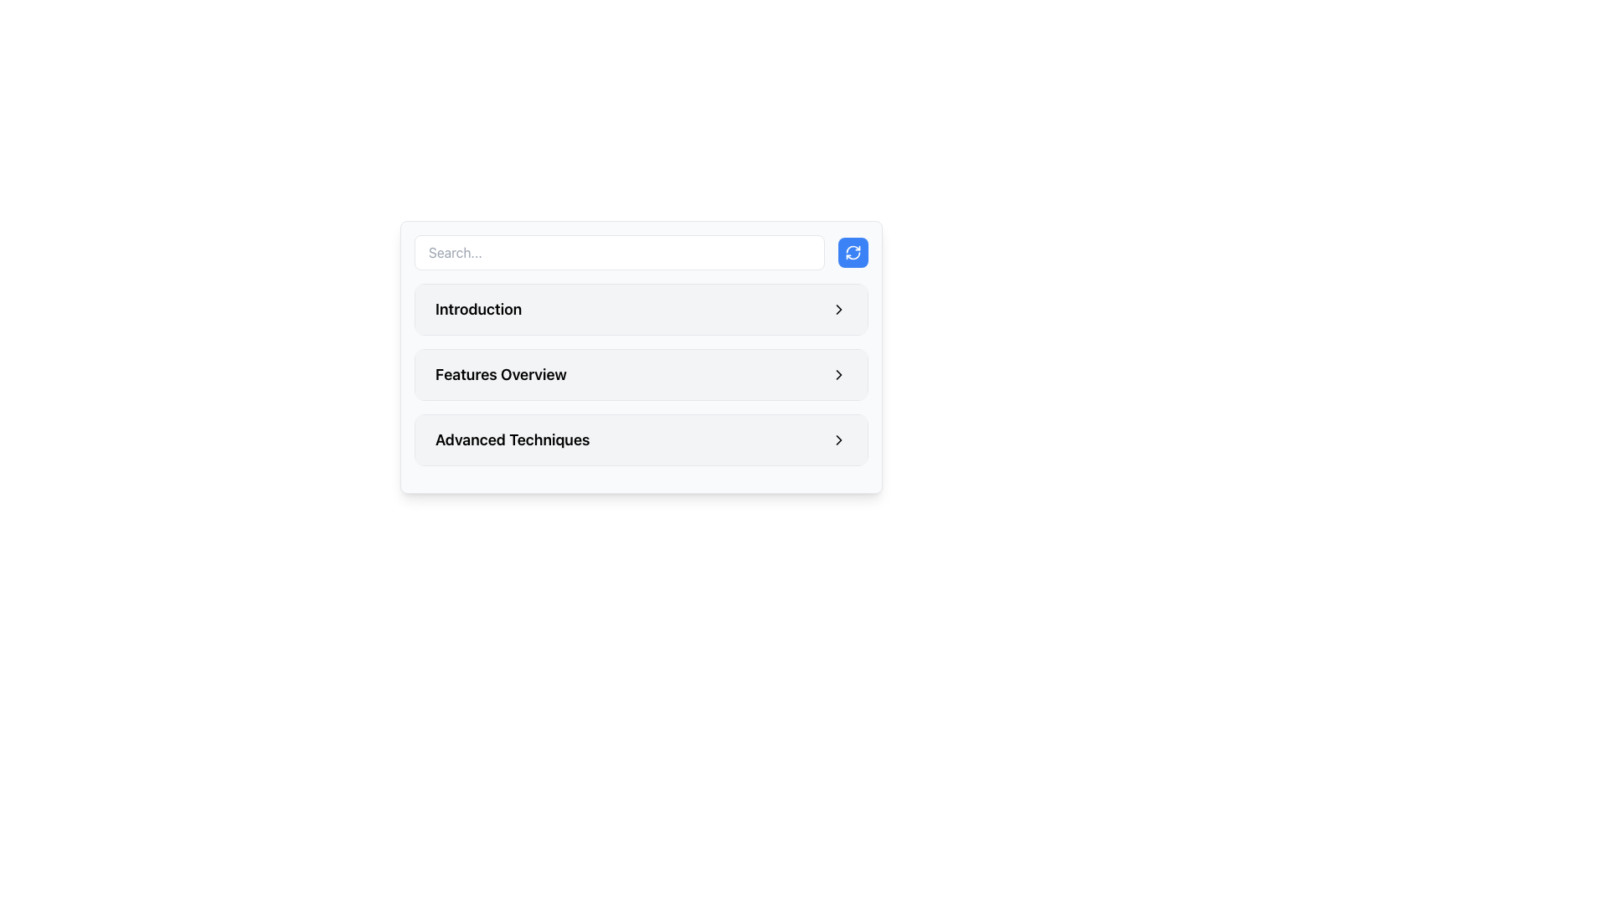  I want to click on the 'Features Overview' button, which is a rectangular area with a light gray background, located second in a vertical list of buttons, so click(641, 373).